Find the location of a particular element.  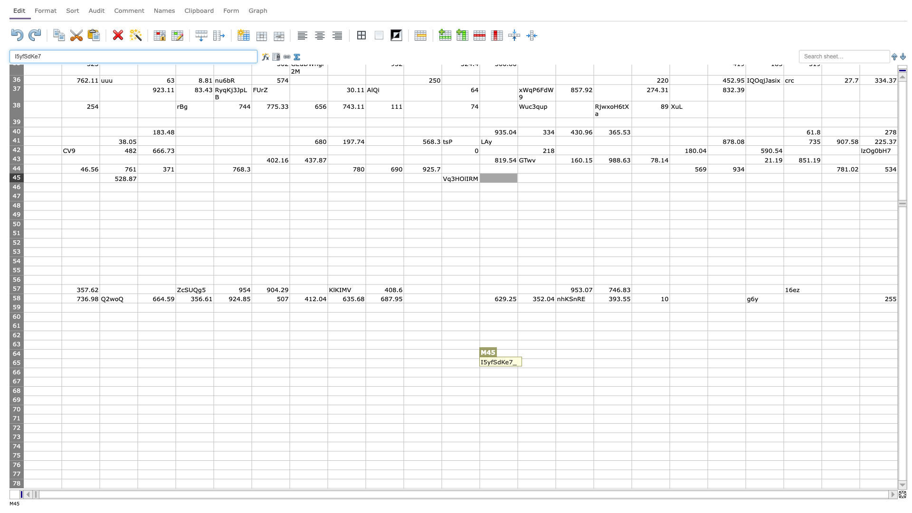

Bottom right corner of N-65 is located at coordinates (556, 367).